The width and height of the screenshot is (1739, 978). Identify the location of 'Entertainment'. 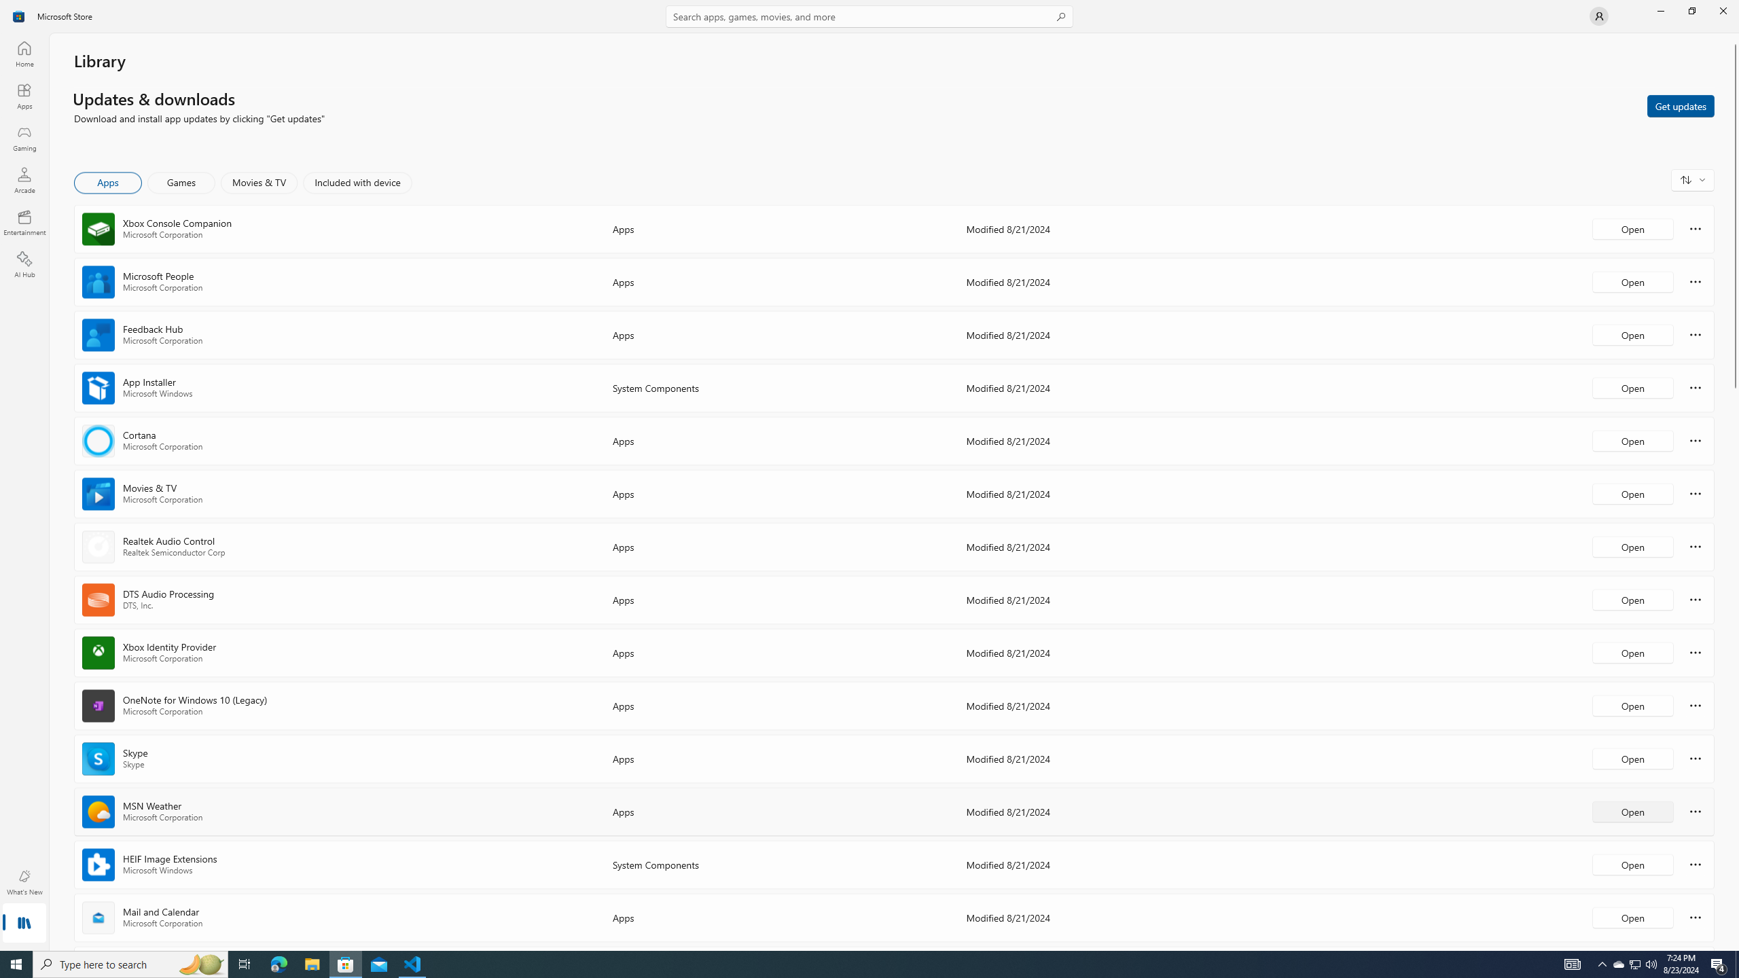
(23, 221).